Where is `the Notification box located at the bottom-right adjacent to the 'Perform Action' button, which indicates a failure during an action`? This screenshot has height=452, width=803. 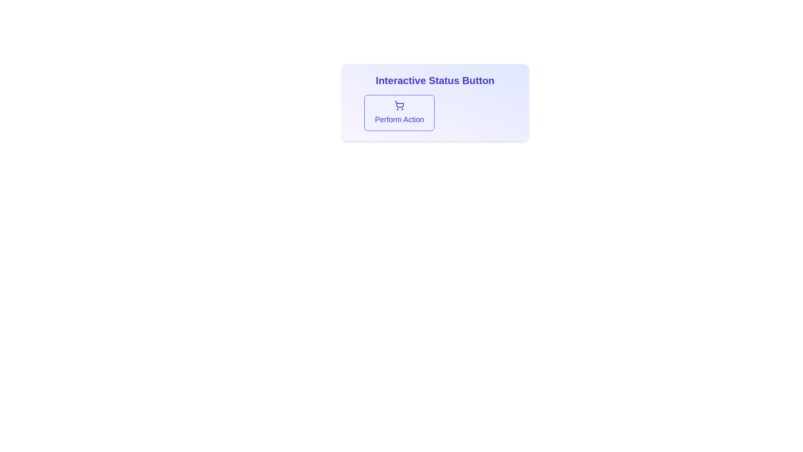
the Notification box located at the bottom-right adjacent to the 'Perform Action' button, which indicates a failure during an action is located at coordinates (470, 117).